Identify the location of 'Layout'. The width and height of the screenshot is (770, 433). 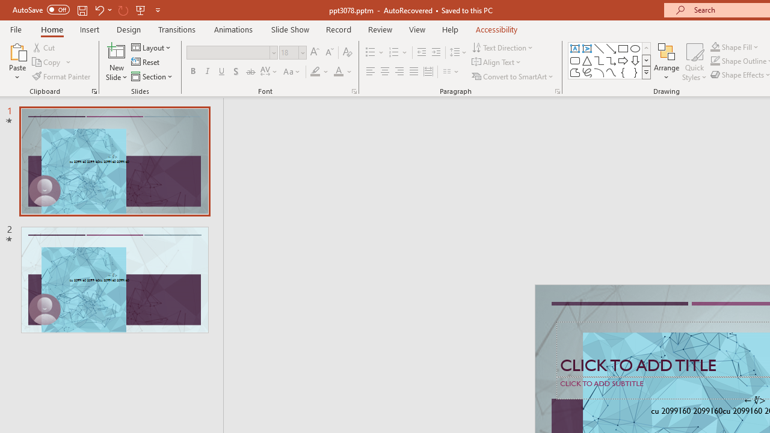
(151, 47).